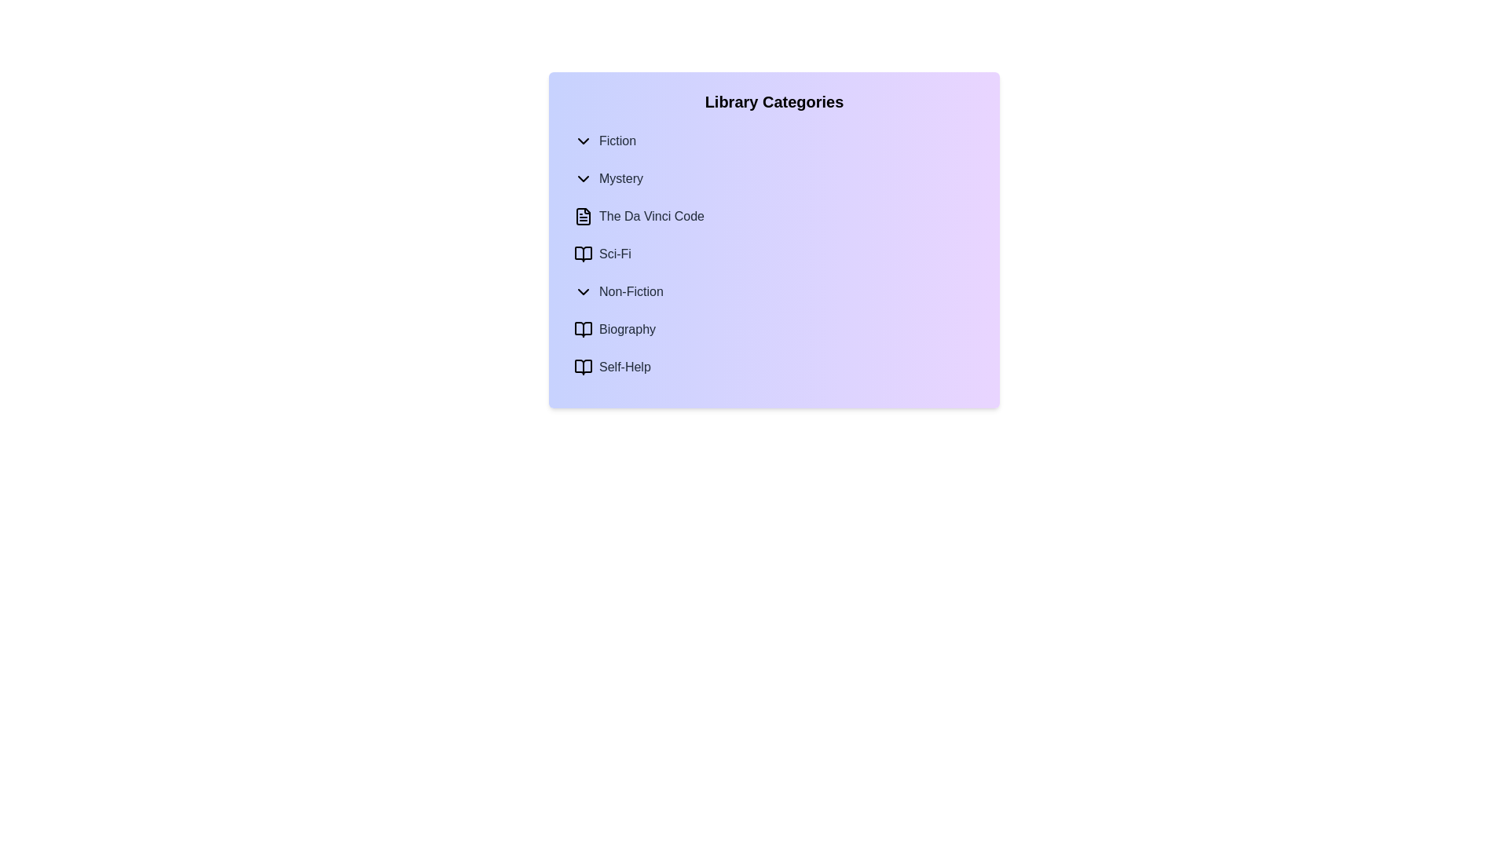 Image resolution: width=1508 pixels, height=848 pixels. Describe the element at coordinates (583, 367) in the screenshot. I see `the open book vector graphic icon located next to the 'Self-Help' text in the 'Library Categories' section, if it is interactive` at that location.